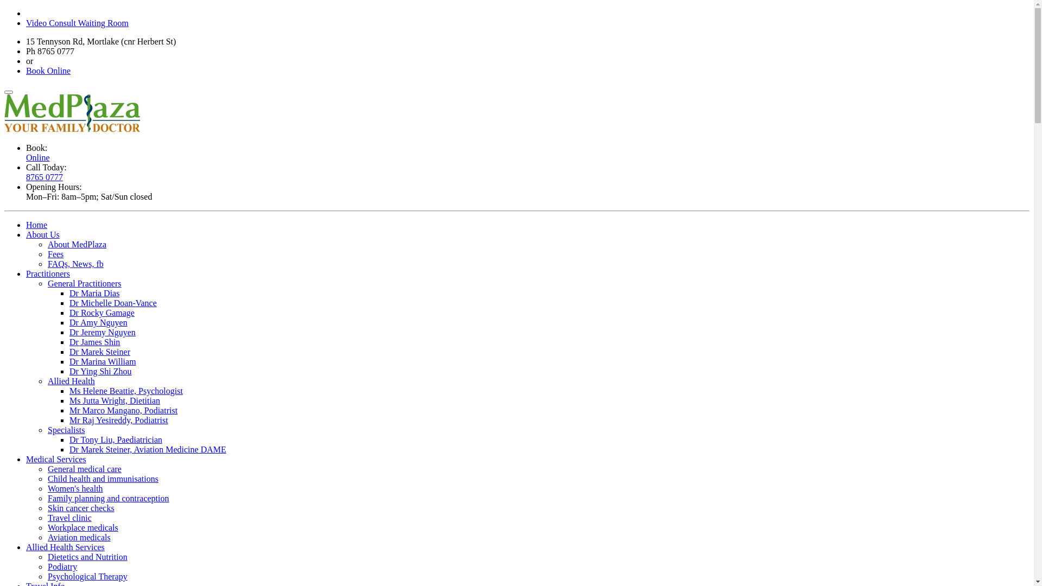 This screenshot has height=586, width=1042. What do you see at coordinates (43, 176) in the screenshot?
I see `'8765 0777'` at bounding box center [43, 176].